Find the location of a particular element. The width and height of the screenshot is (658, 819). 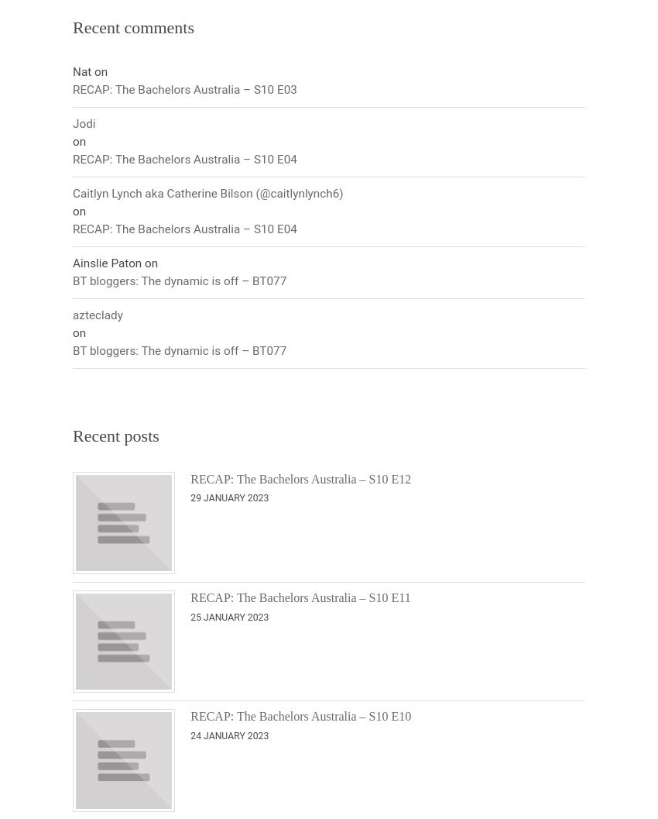

'24 January 2023' is located at coordinates (228, 736).